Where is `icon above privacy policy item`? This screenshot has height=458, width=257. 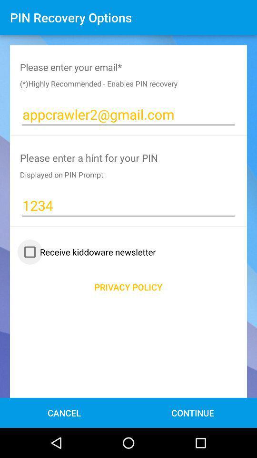 icon above privacy policy item is located at coordinates (88, 251).